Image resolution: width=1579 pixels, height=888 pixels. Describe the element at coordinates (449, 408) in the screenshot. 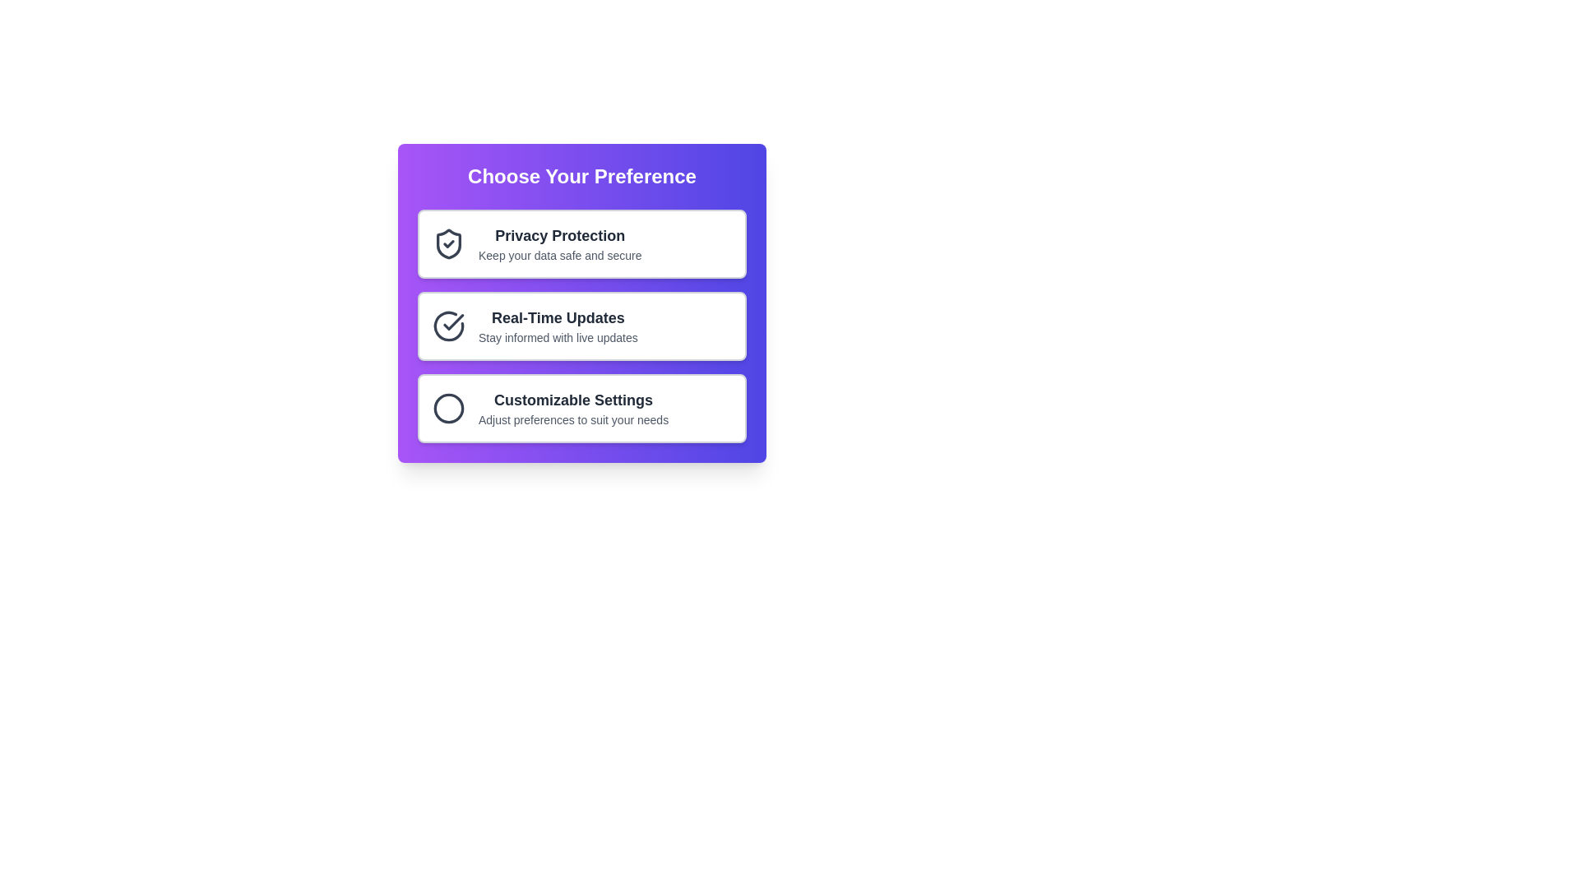

I see `the SVG Circle Graphic located in the bottom-most button labeled 'Customizable Settings' within a purple card dialog box` at that location.